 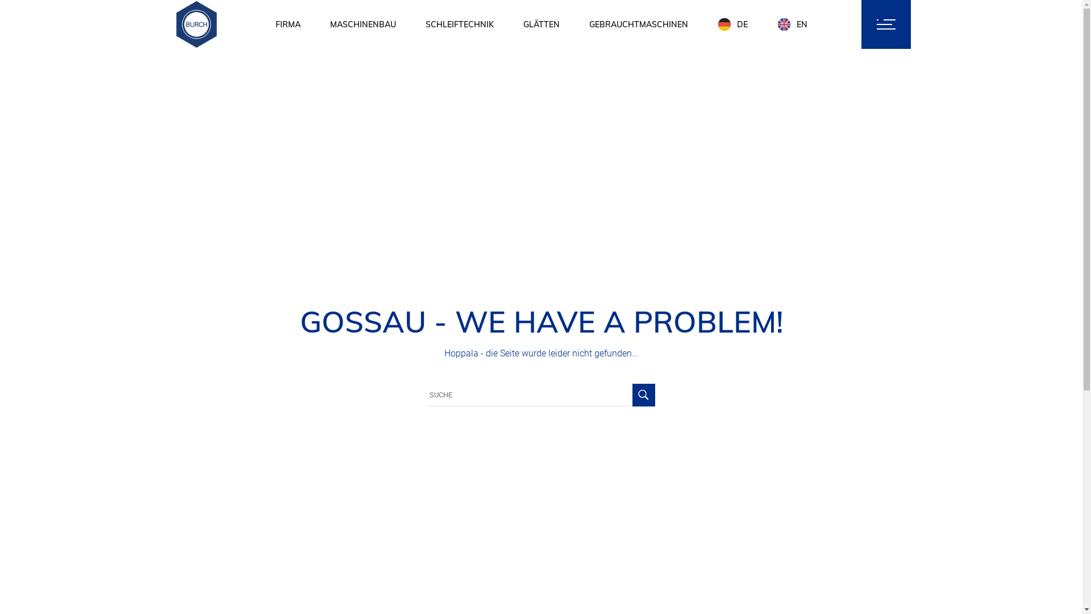 What do you see at coordinates (459, 24) in the screenshot?
I see `'SCHLEIFTECHNIK'` at bounding box center [459, 24].